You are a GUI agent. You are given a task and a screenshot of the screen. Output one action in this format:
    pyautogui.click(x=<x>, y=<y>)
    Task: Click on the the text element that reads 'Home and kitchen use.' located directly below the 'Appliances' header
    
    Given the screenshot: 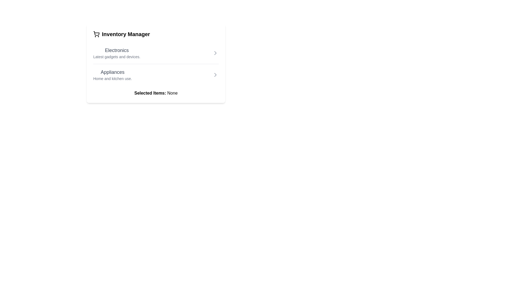 What is the action you would take?
    pyautogui.click(x=112, y=79)
    